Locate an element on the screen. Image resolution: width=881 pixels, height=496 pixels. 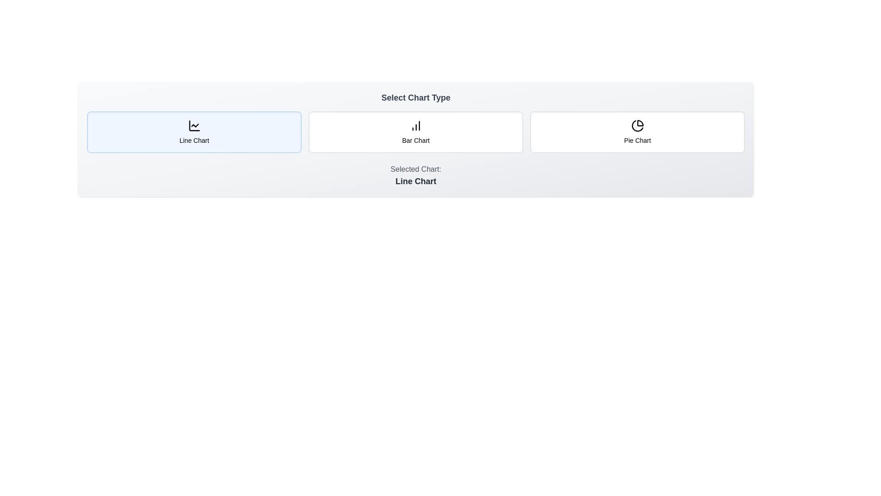
the chart type button corresponding to Pie Chart is located at coordinates (637, 132).